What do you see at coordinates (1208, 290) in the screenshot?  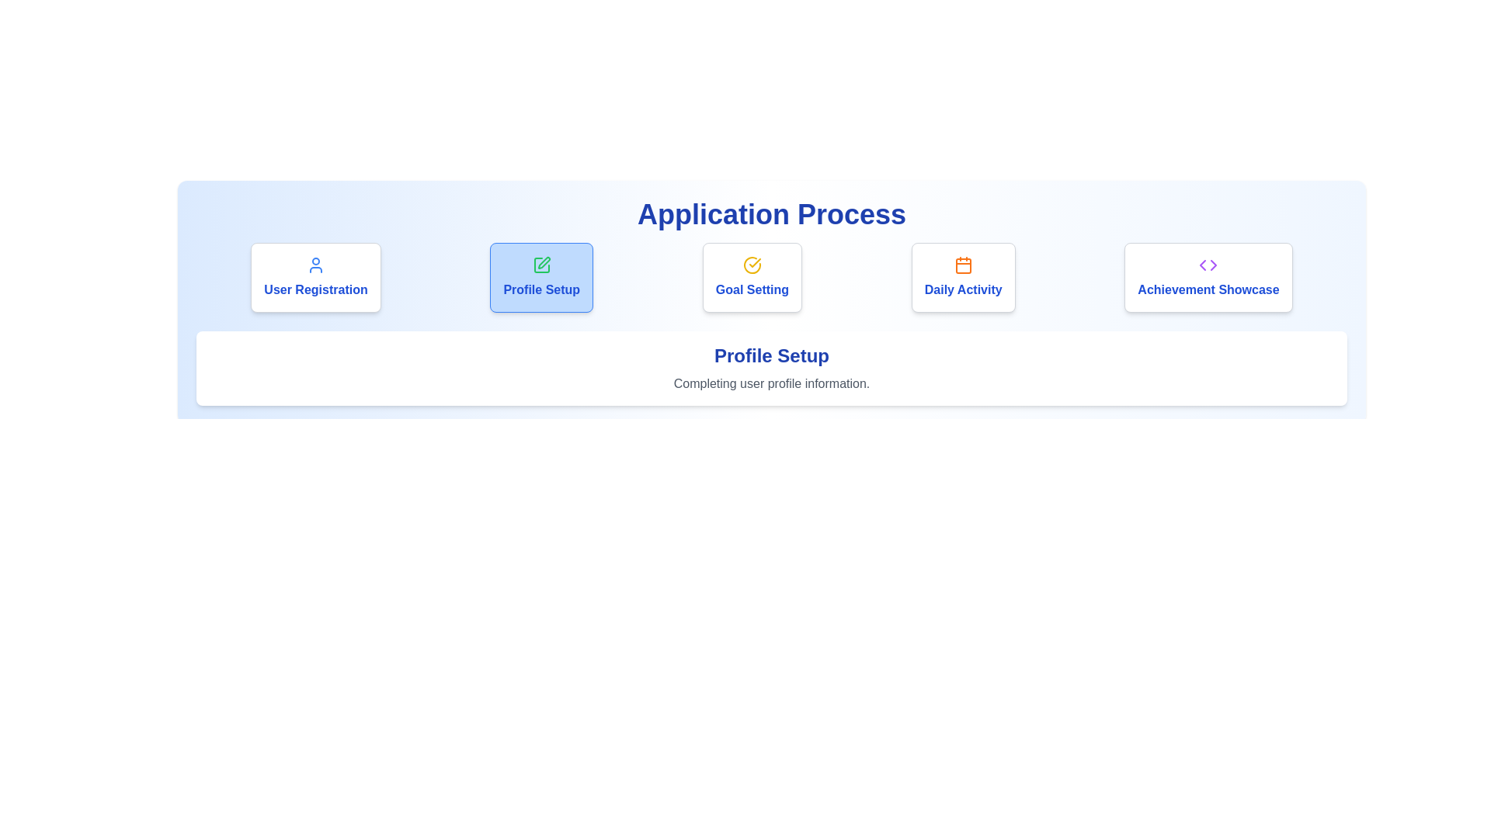 I see `the 'Achievement Showcase' text label located at the bottom part of the fifth card in a row of cards` at bounding box center [1208, 290].